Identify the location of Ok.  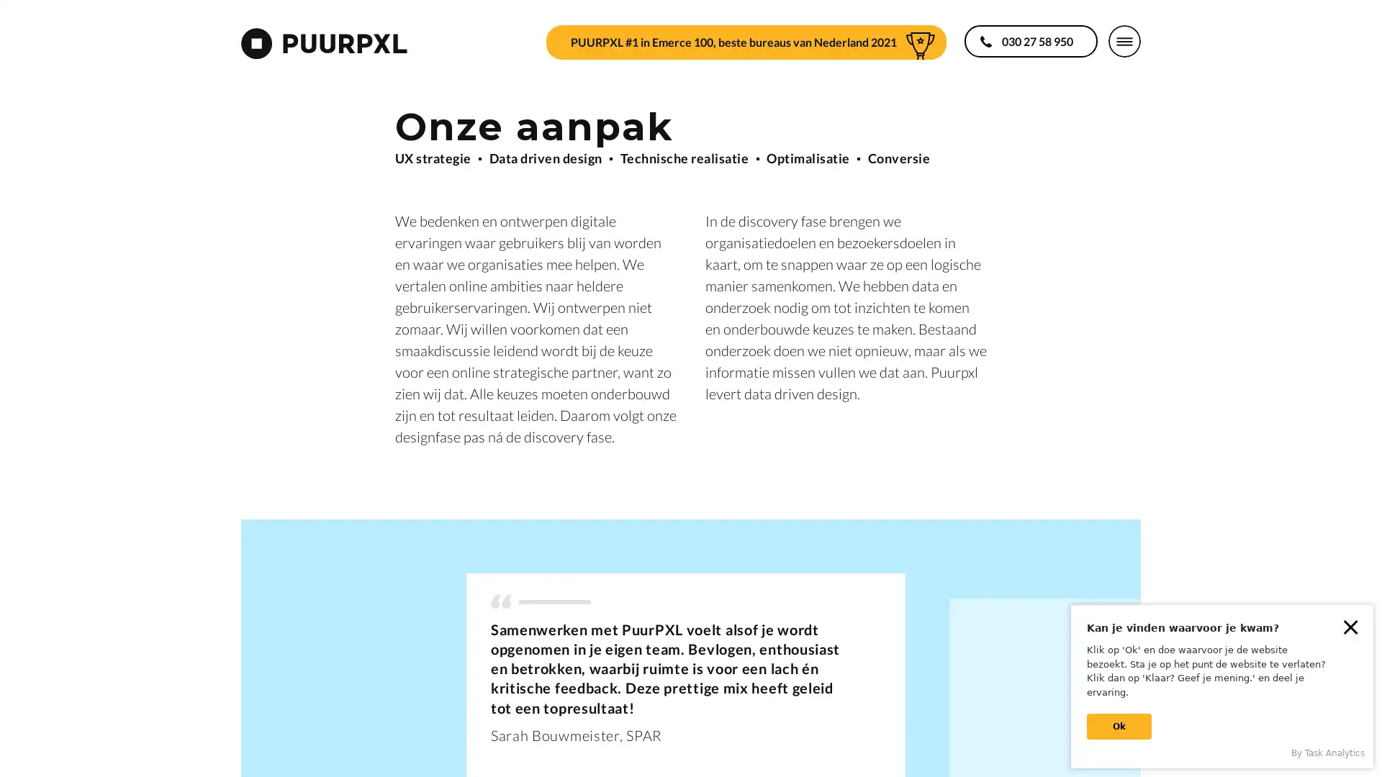
(1119, 727).